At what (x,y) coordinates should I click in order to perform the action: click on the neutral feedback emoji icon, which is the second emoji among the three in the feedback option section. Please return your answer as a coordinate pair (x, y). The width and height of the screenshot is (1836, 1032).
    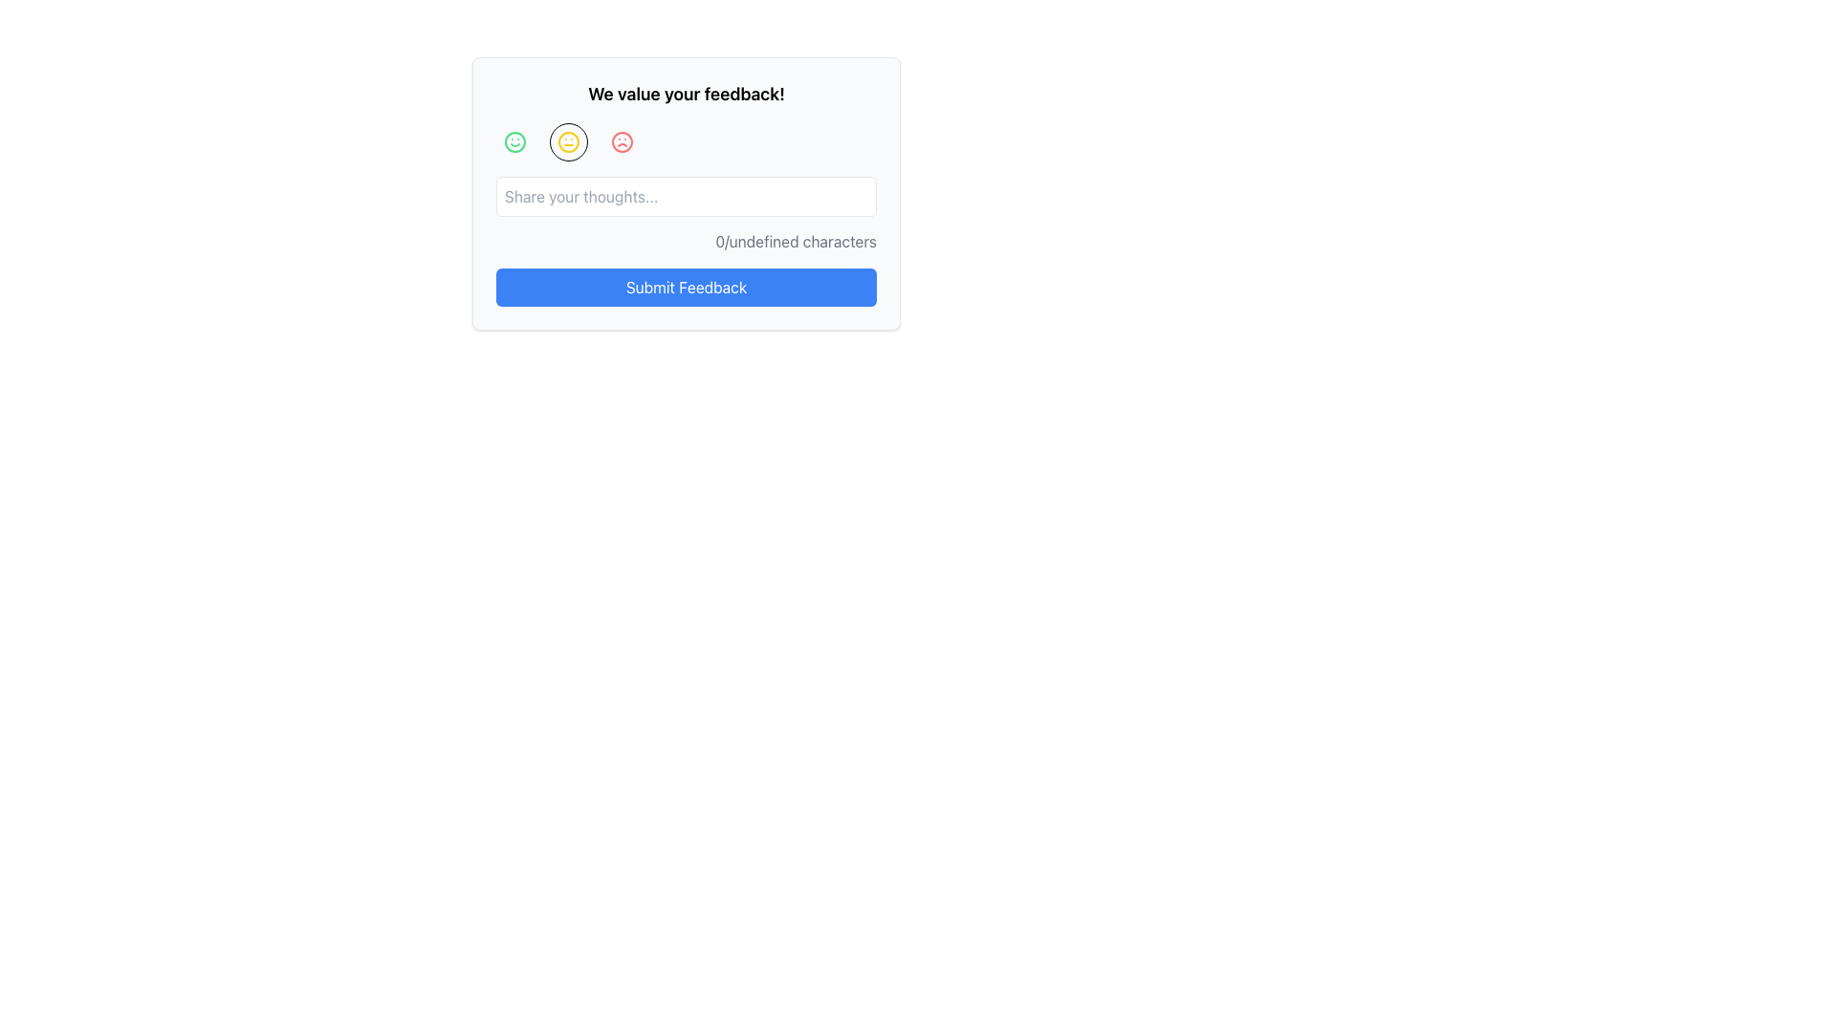
    Looking at the image, I should click on (568, 141).